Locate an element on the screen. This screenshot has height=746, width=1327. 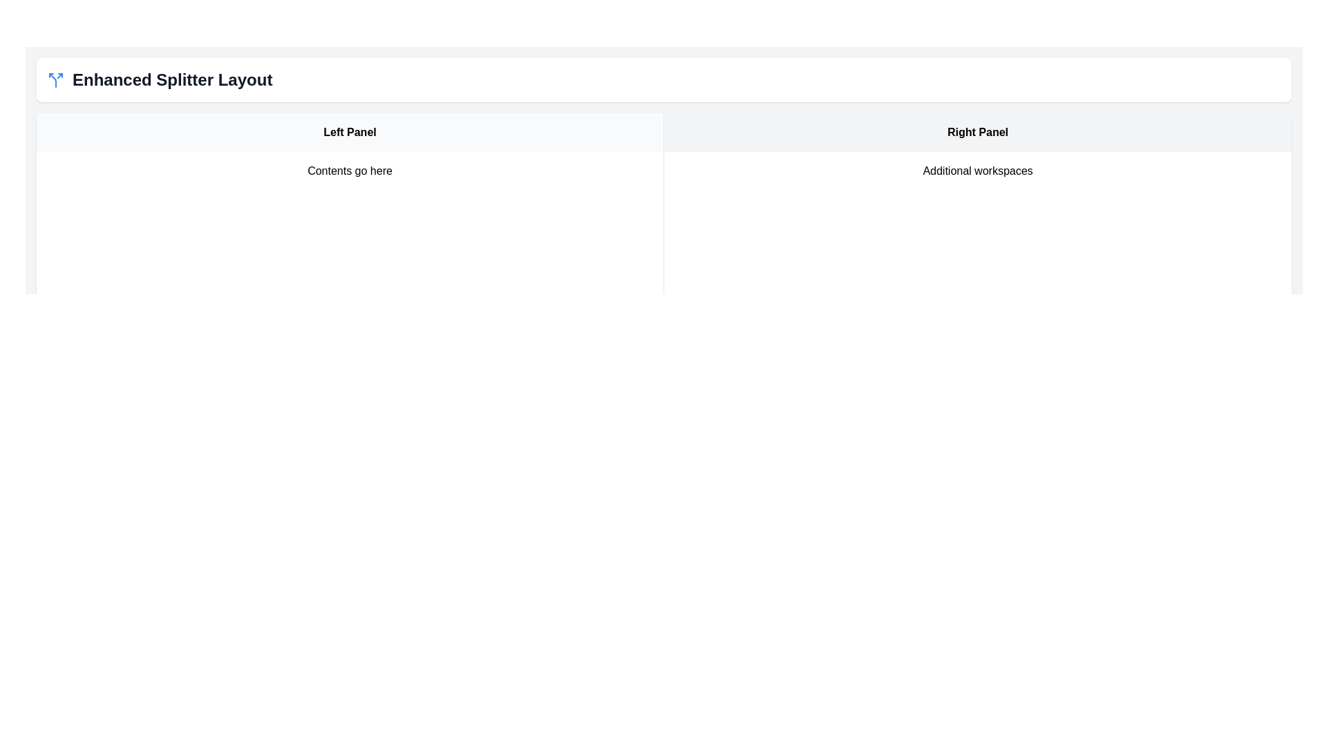
the Static Text Label located in the Right Panel section, which serves as a header or descriptor for related content, centered below the title 'Right Panel' is located at coordinates (977, 170).